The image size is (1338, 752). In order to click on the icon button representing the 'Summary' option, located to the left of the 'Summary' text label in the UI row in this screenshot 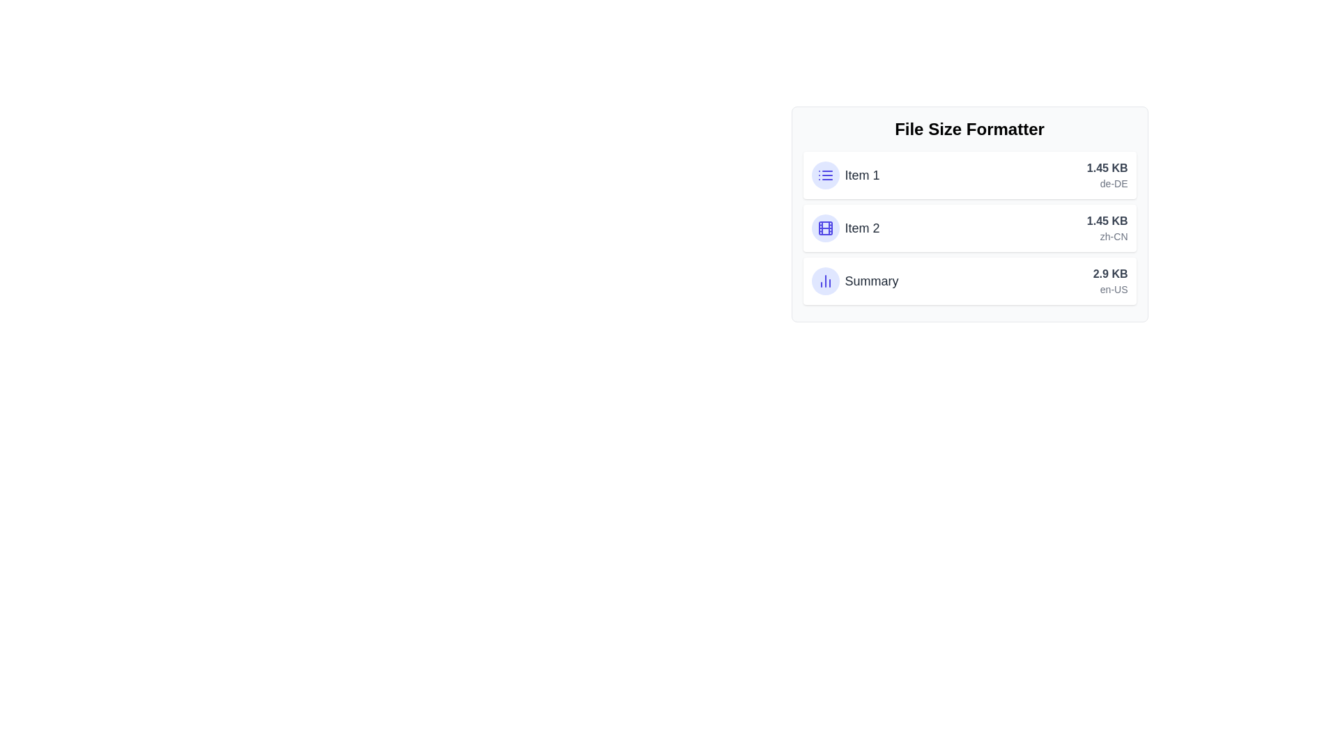, I will do `click(825, 281)`.